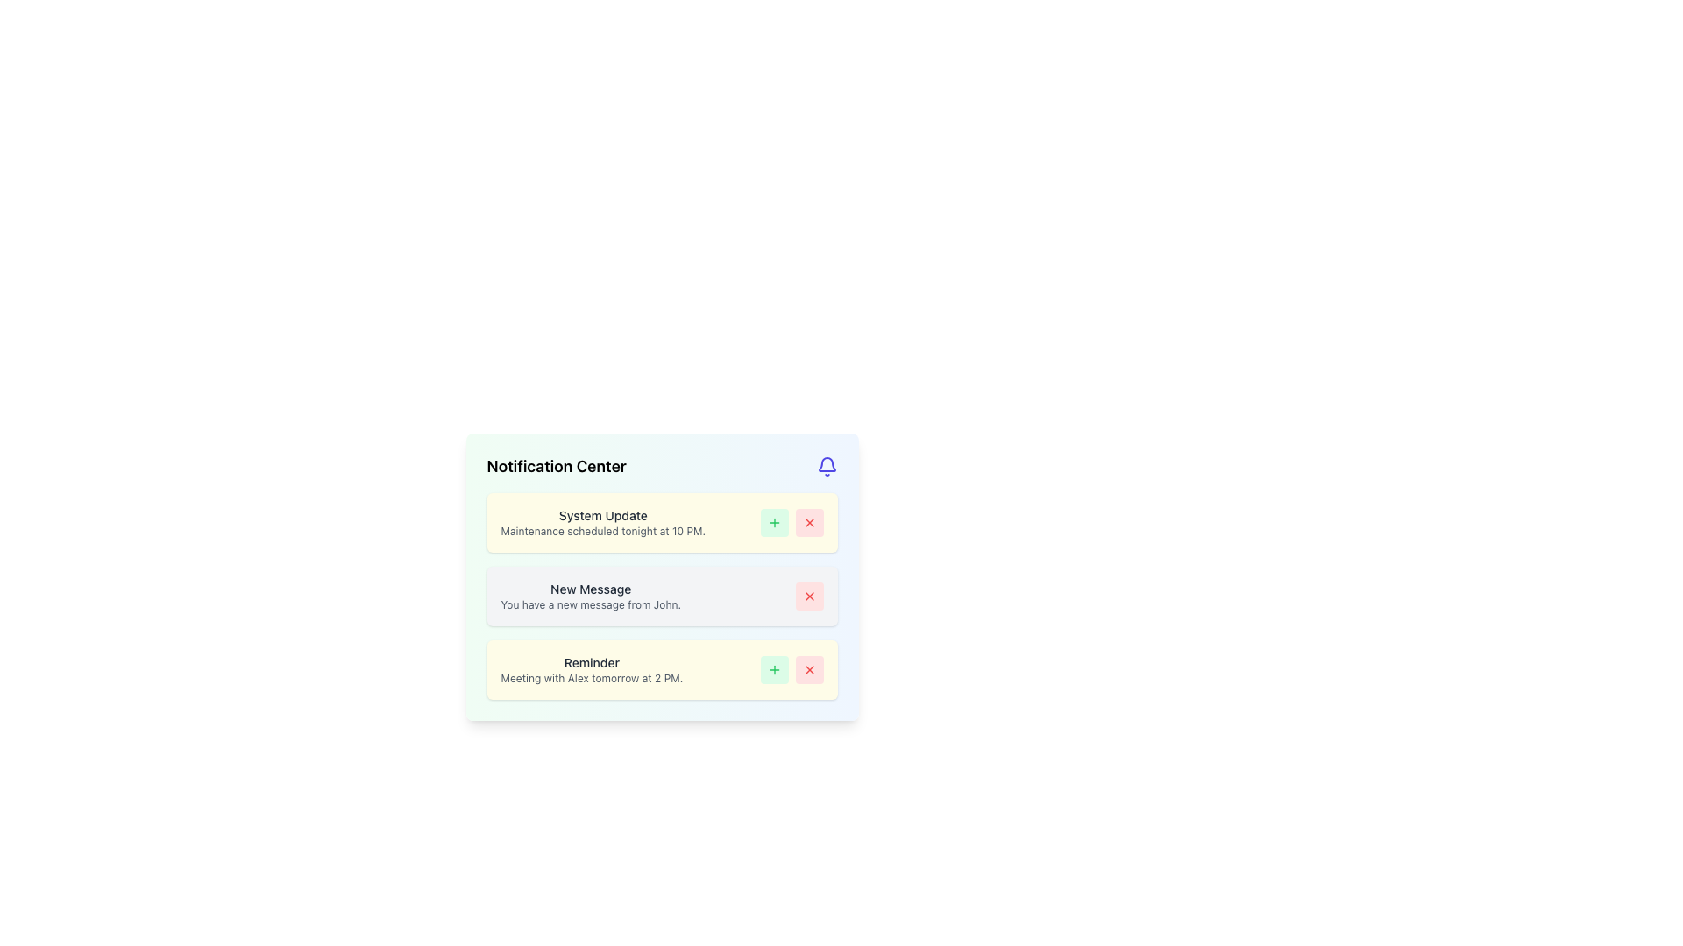  What do you see at coordinates (592, 669) in the screenshot?
I see `notification message about the scheduled meeting with Alex at 2 PM, which is the third notification in the Notification Center with a yellow background` at bounding box center [592, 669].